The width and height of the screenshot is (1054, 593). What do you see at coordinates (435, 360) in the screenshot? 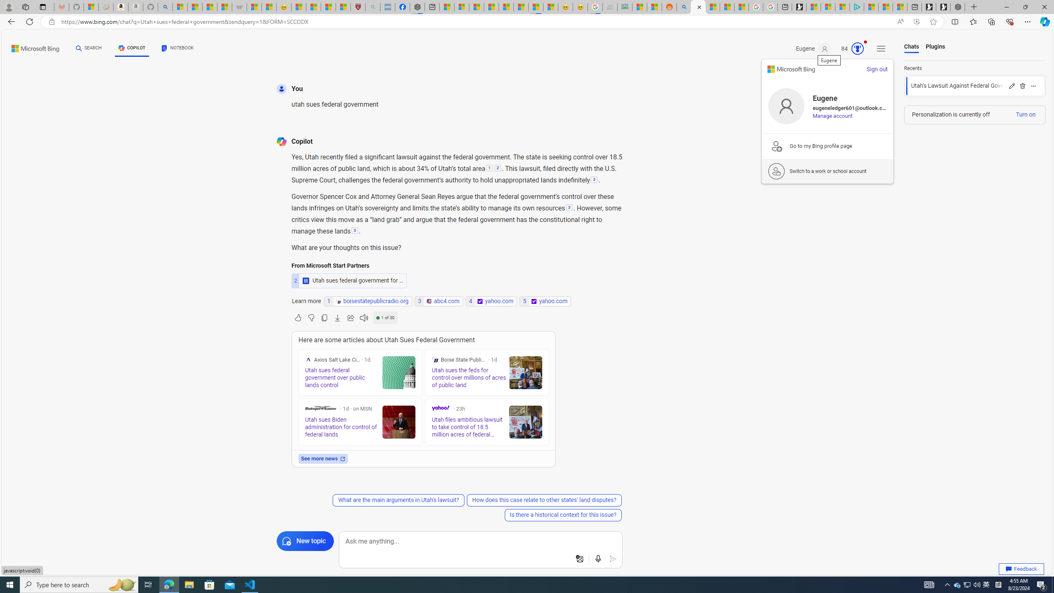
I see `'Boise State Public Radio'` at bounding box center [435, 360].